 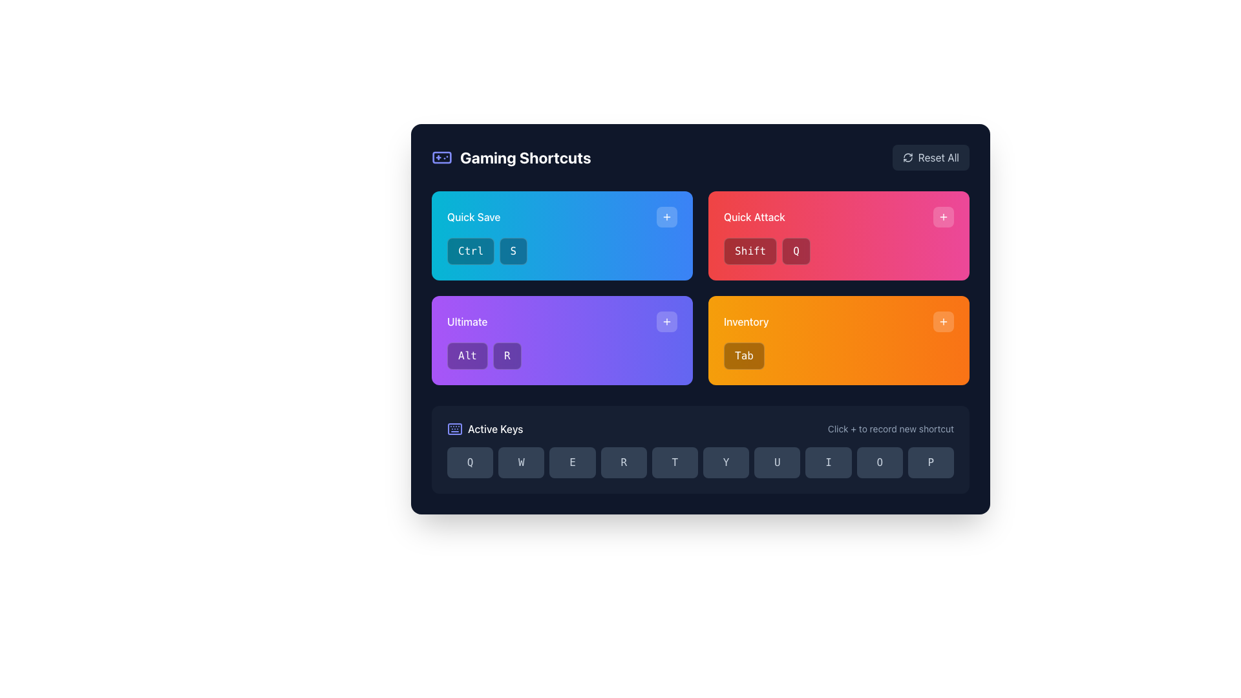 What do you see at coordinates (442, 156) in the screenshot?
I see `the inner part of the game controller icon, which serves as a visual part representing gaming-related features in the top-left section of the interface` at bounding box center [442, 156].